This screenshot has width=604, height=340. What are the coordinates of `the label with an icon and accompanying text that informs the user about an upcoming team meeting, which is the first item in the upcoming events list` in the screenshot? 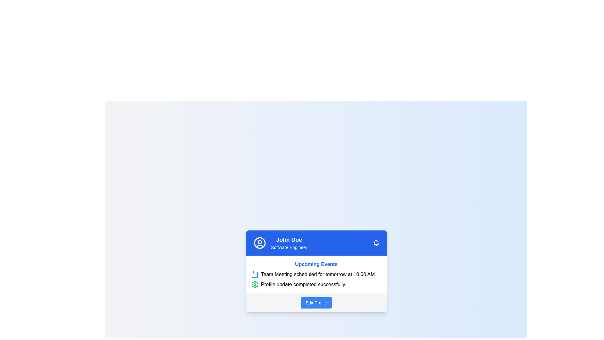 It's located at (316, 274).